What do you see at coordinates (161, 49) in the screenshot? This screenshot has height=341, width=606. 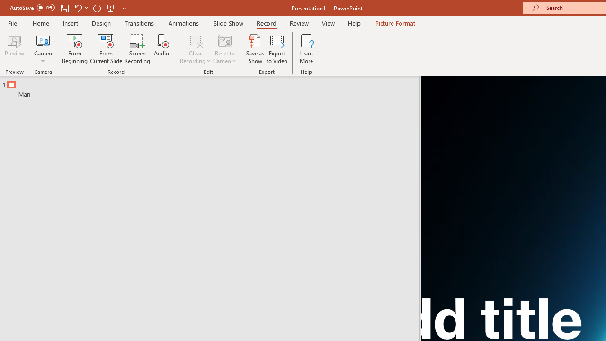 I see `'Audio'` at bounding box center [161, 49].